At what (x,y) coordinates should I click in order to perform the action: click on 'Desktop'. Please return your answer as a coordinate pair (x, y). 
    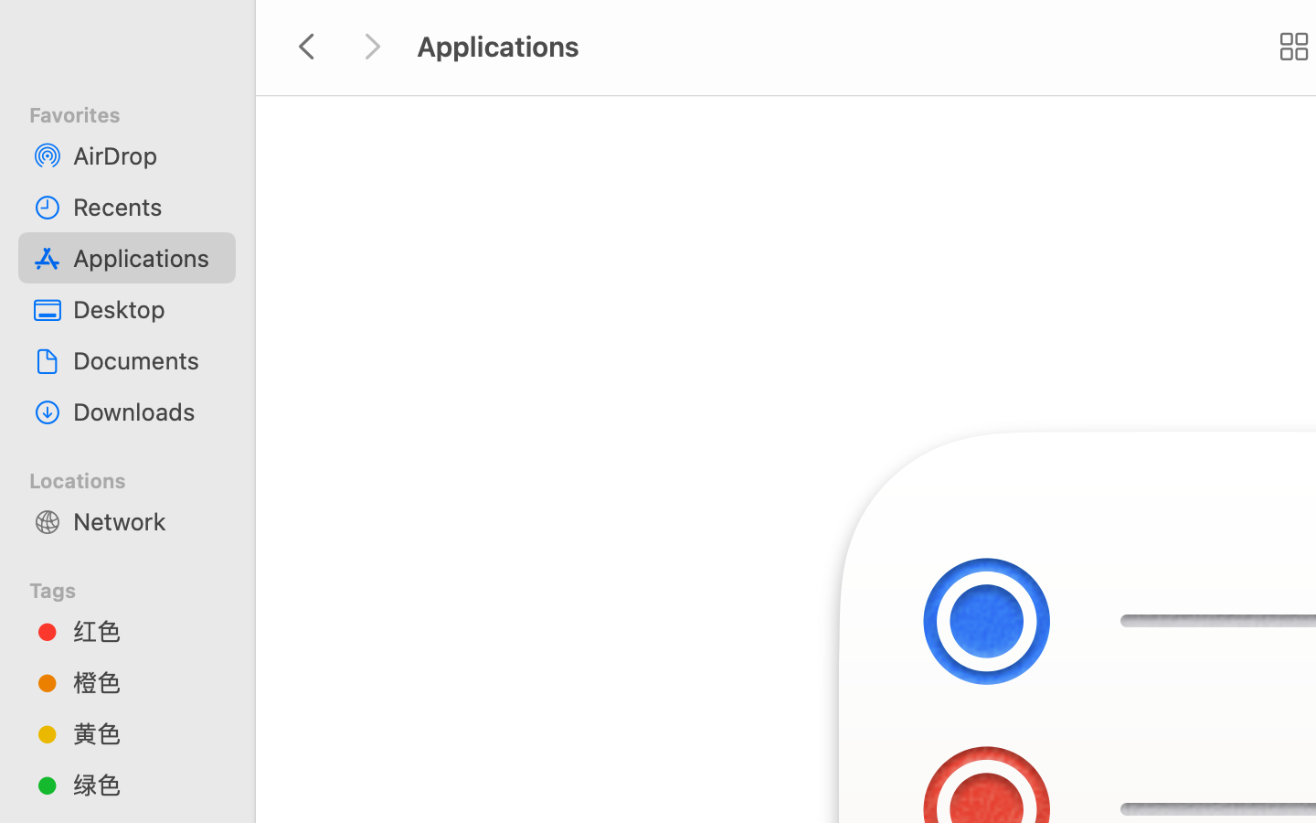
    Looking at the image, I should click on (145, 309).